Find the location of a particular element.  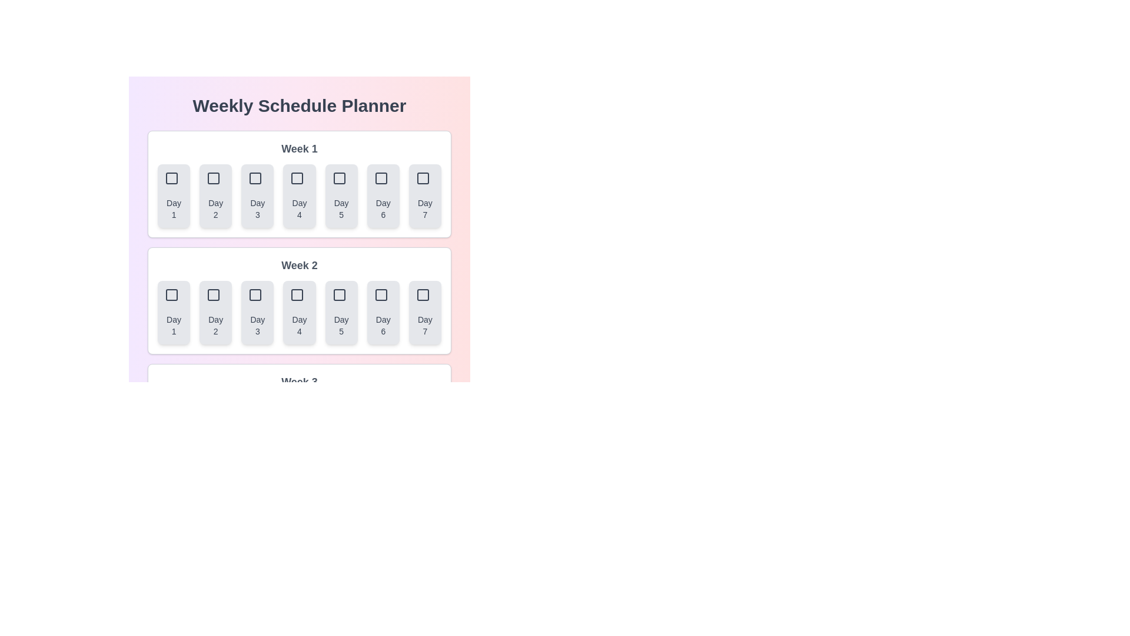

the button corresponding to Week 1 and Day 2 to select that day is located at coordinates (215, 195).